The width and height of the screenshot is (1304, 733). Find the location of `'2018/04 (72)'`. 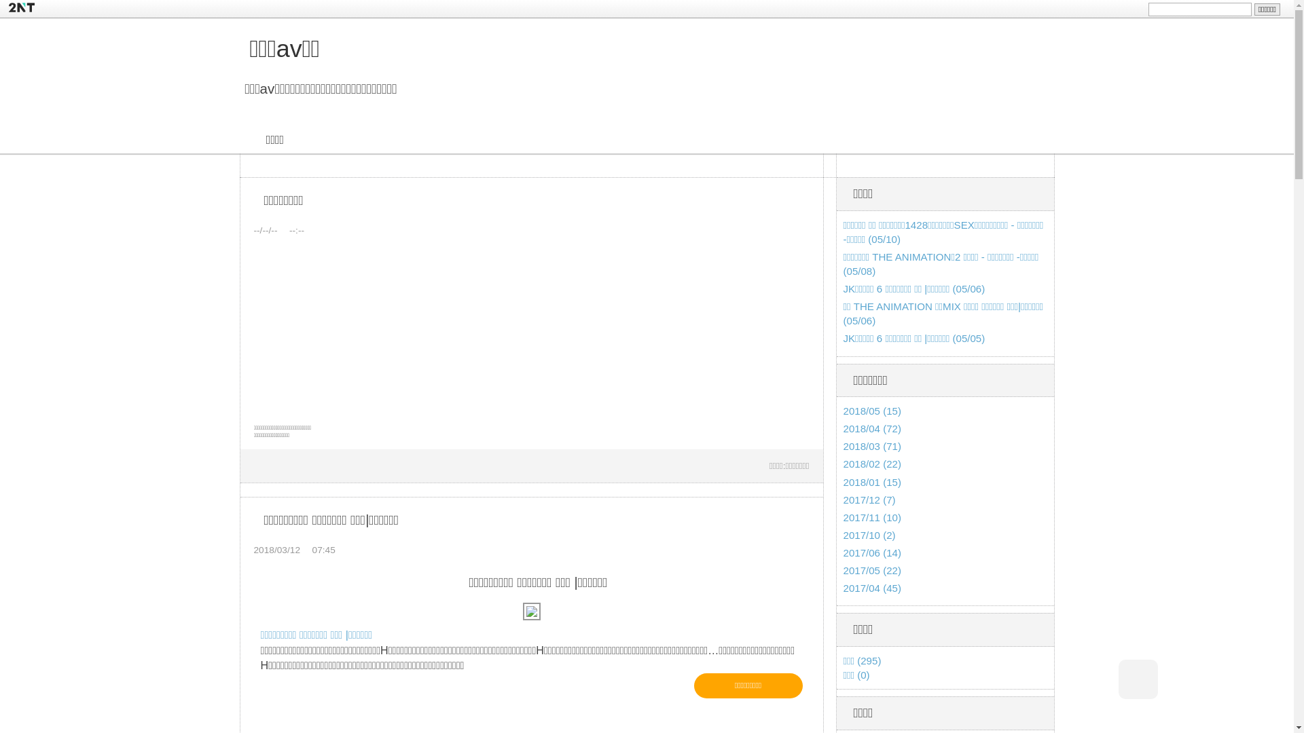

'2018/04 (72)' is located at coordinates (843, 428).